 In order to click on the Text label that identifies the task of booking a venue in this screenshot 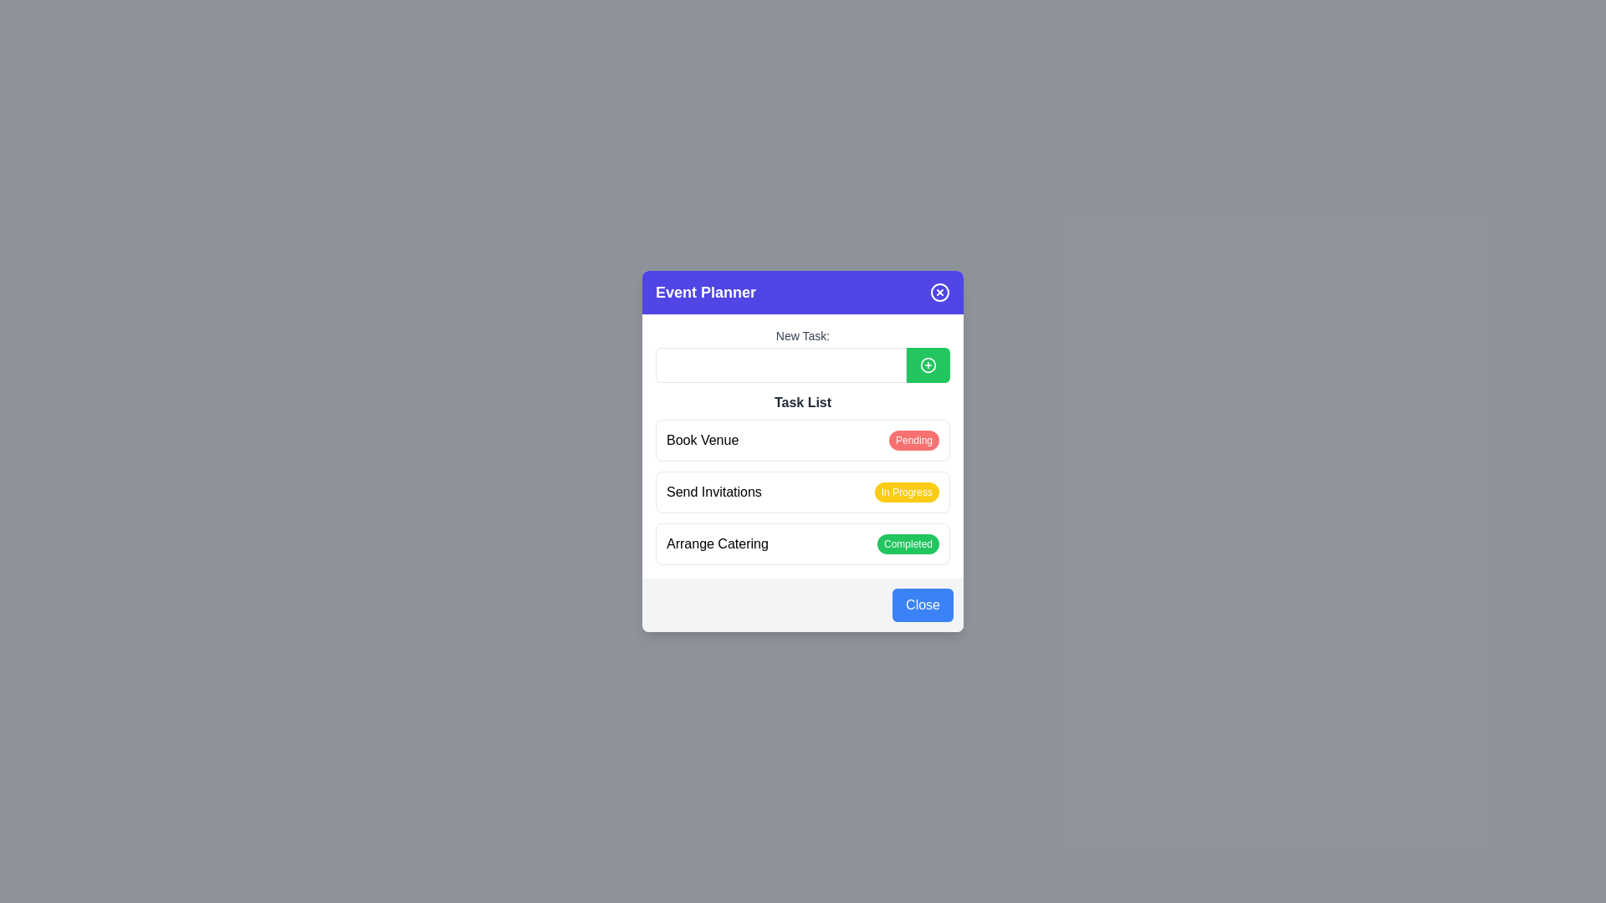, I will do `click(703, 440)`.